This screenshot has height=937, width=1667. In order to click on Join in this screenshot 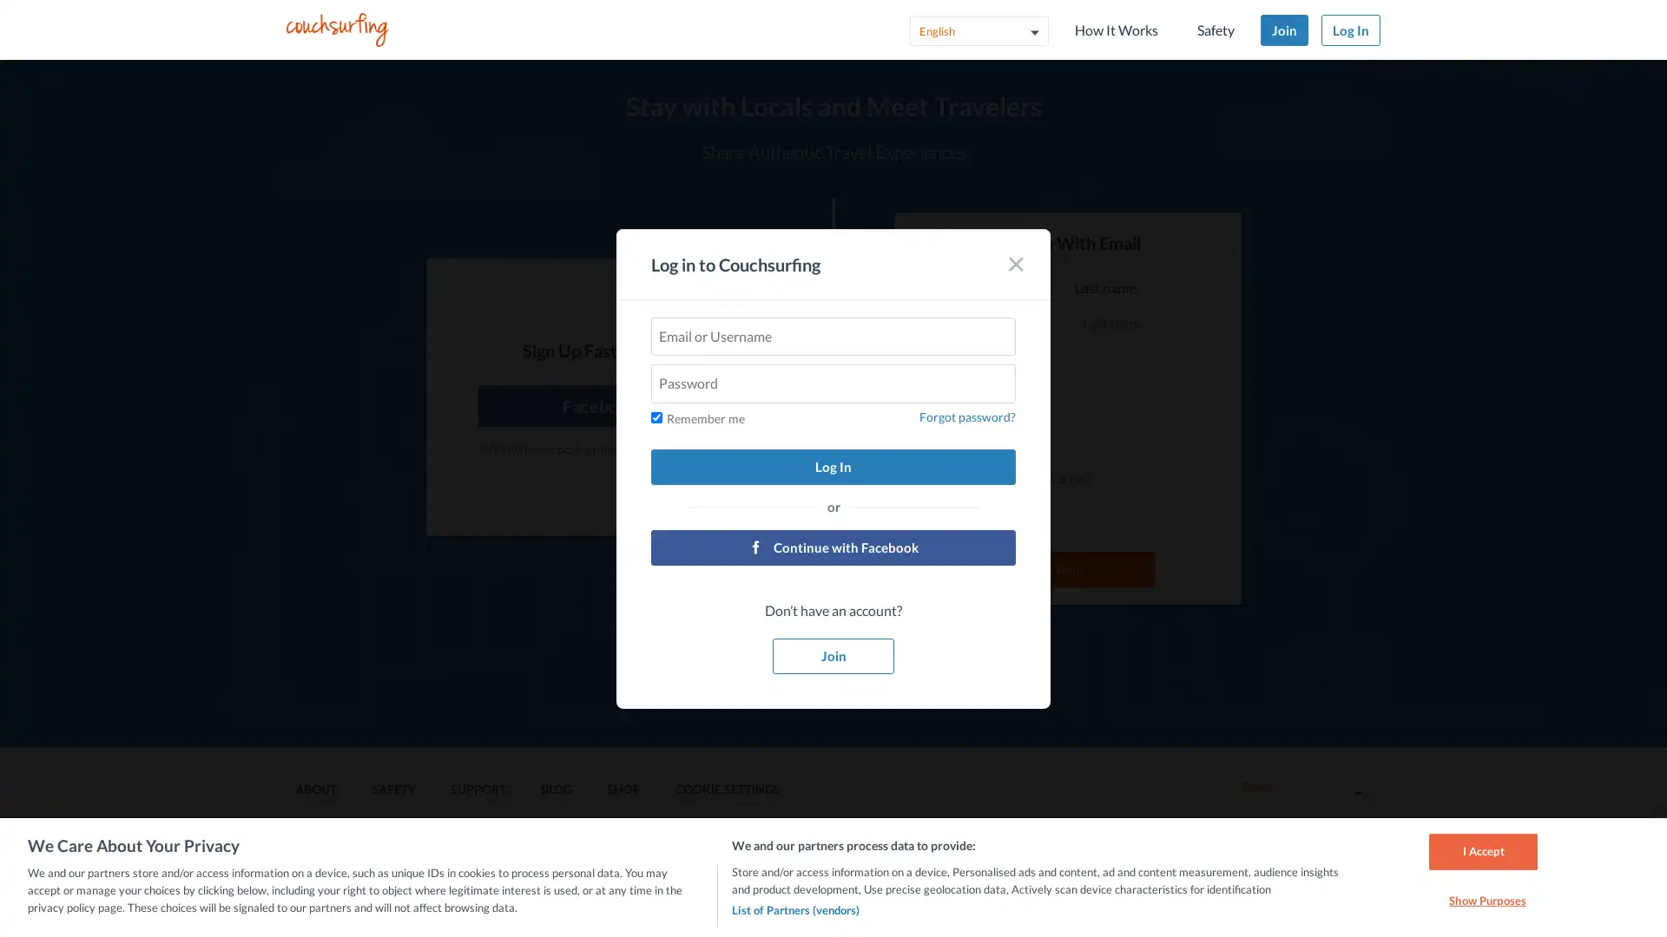, I will do `click(1065, 568)`.